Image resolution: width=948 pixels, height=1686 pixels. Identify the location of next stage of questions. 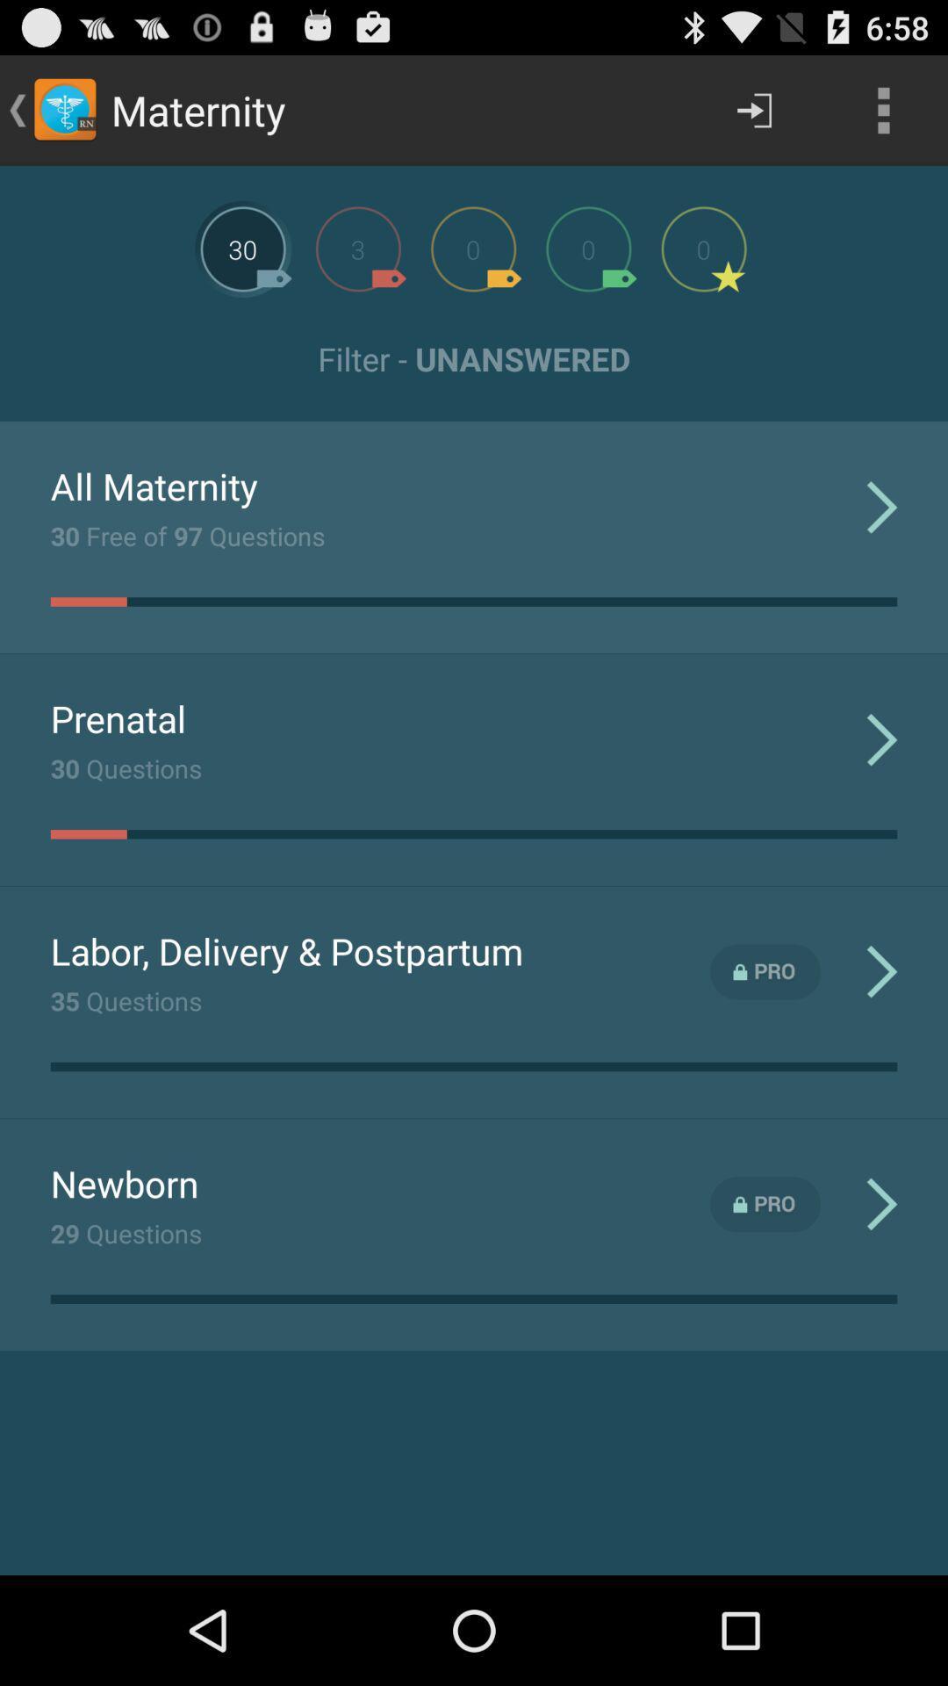
(357, 248).